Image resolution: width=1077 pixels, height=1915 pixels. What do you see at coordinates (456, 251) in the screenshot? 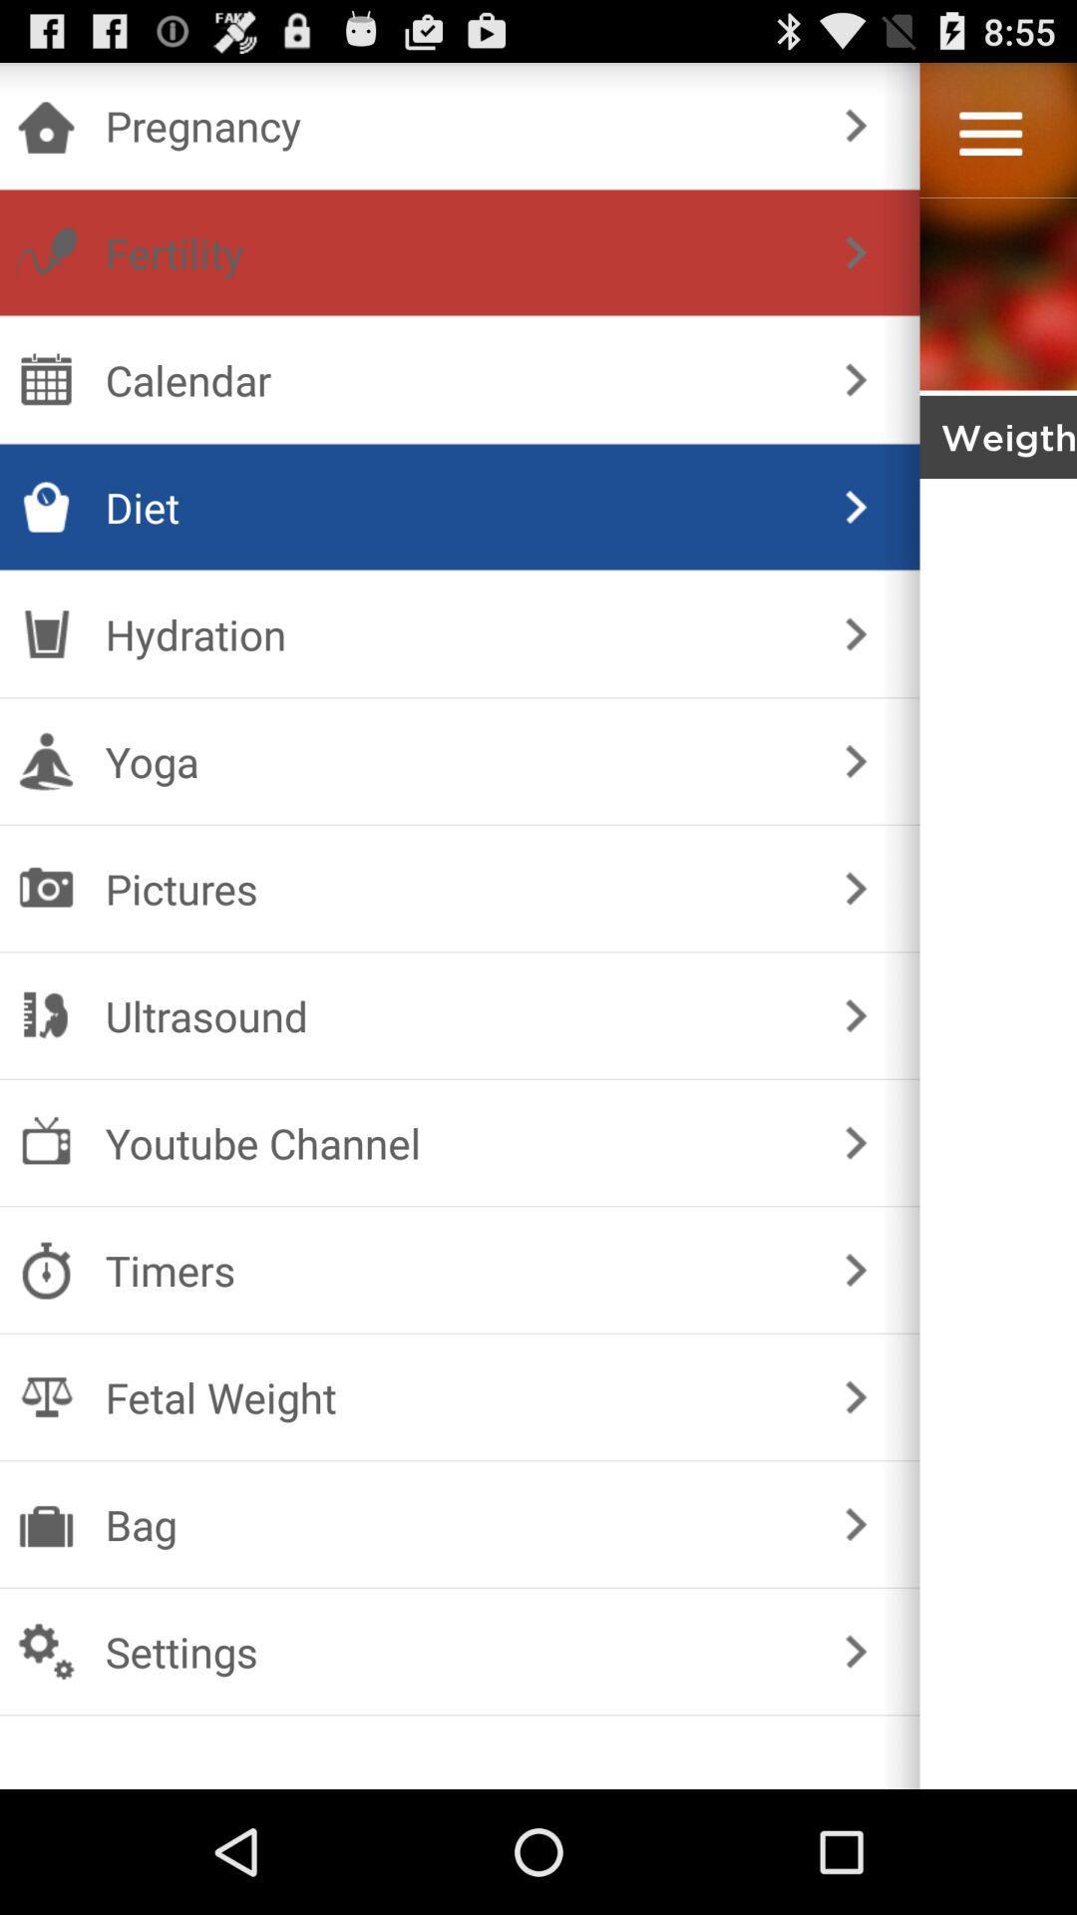
I see `checkbox below the pregnancy checkbox` at bounding box center [456, 251].